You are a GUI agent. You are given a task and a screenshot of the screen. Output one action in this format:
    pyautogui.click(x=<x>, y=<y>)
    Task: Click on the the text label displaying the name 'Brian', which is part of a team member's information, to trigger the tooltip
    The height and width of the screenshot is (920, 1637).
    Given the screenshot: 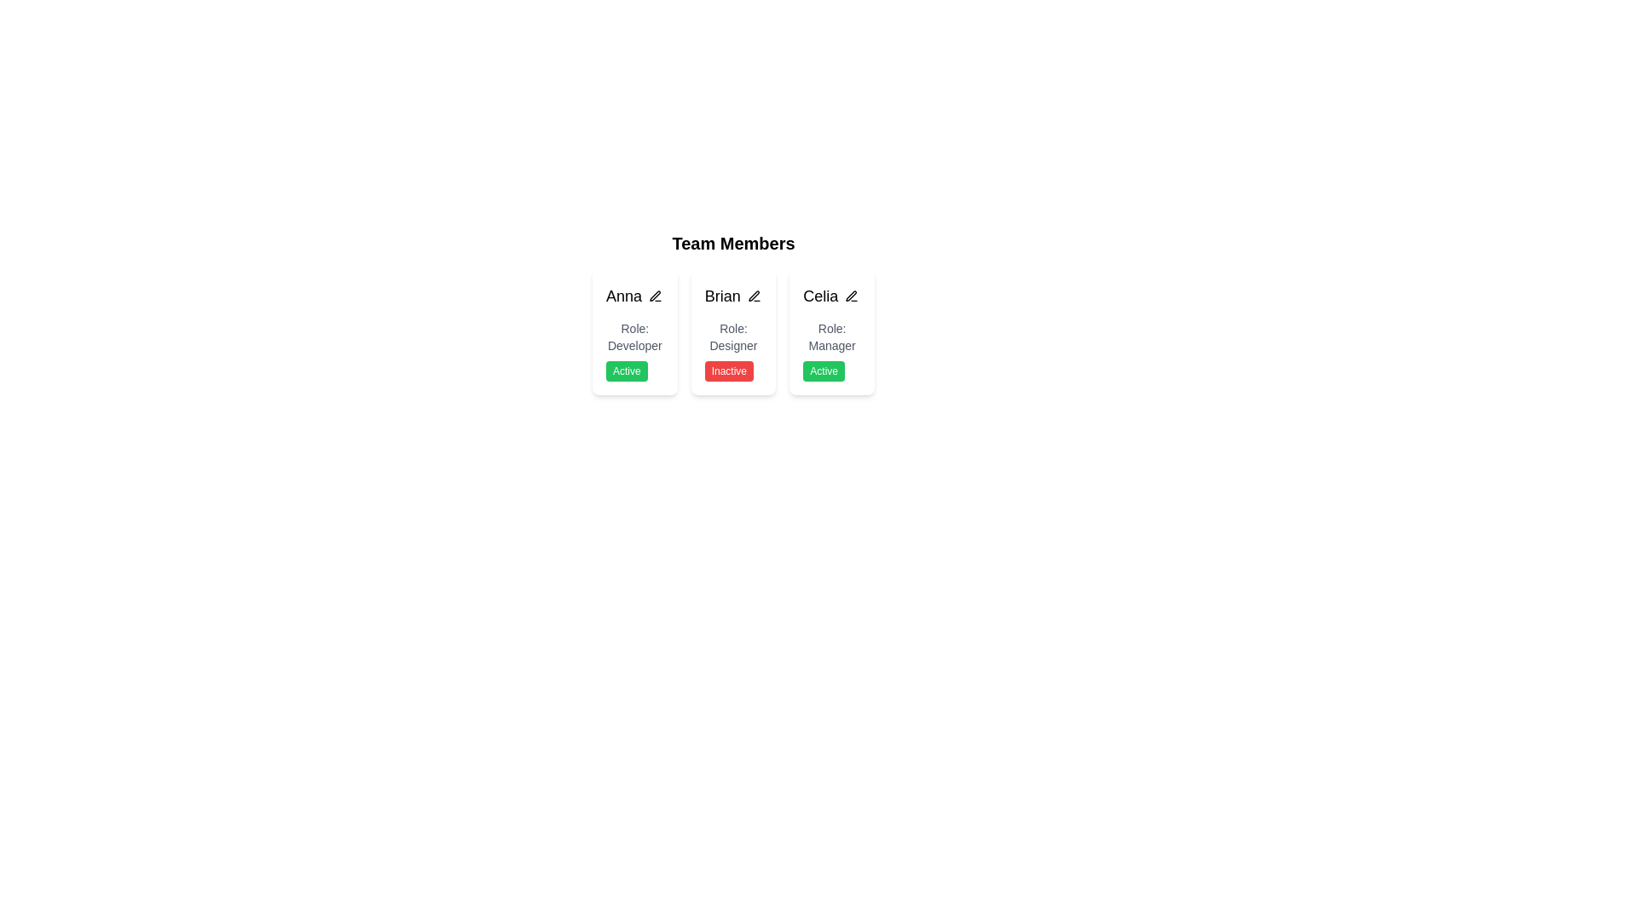 What is the action you would take?
    pyautogui.click(x=733, y=295)
    